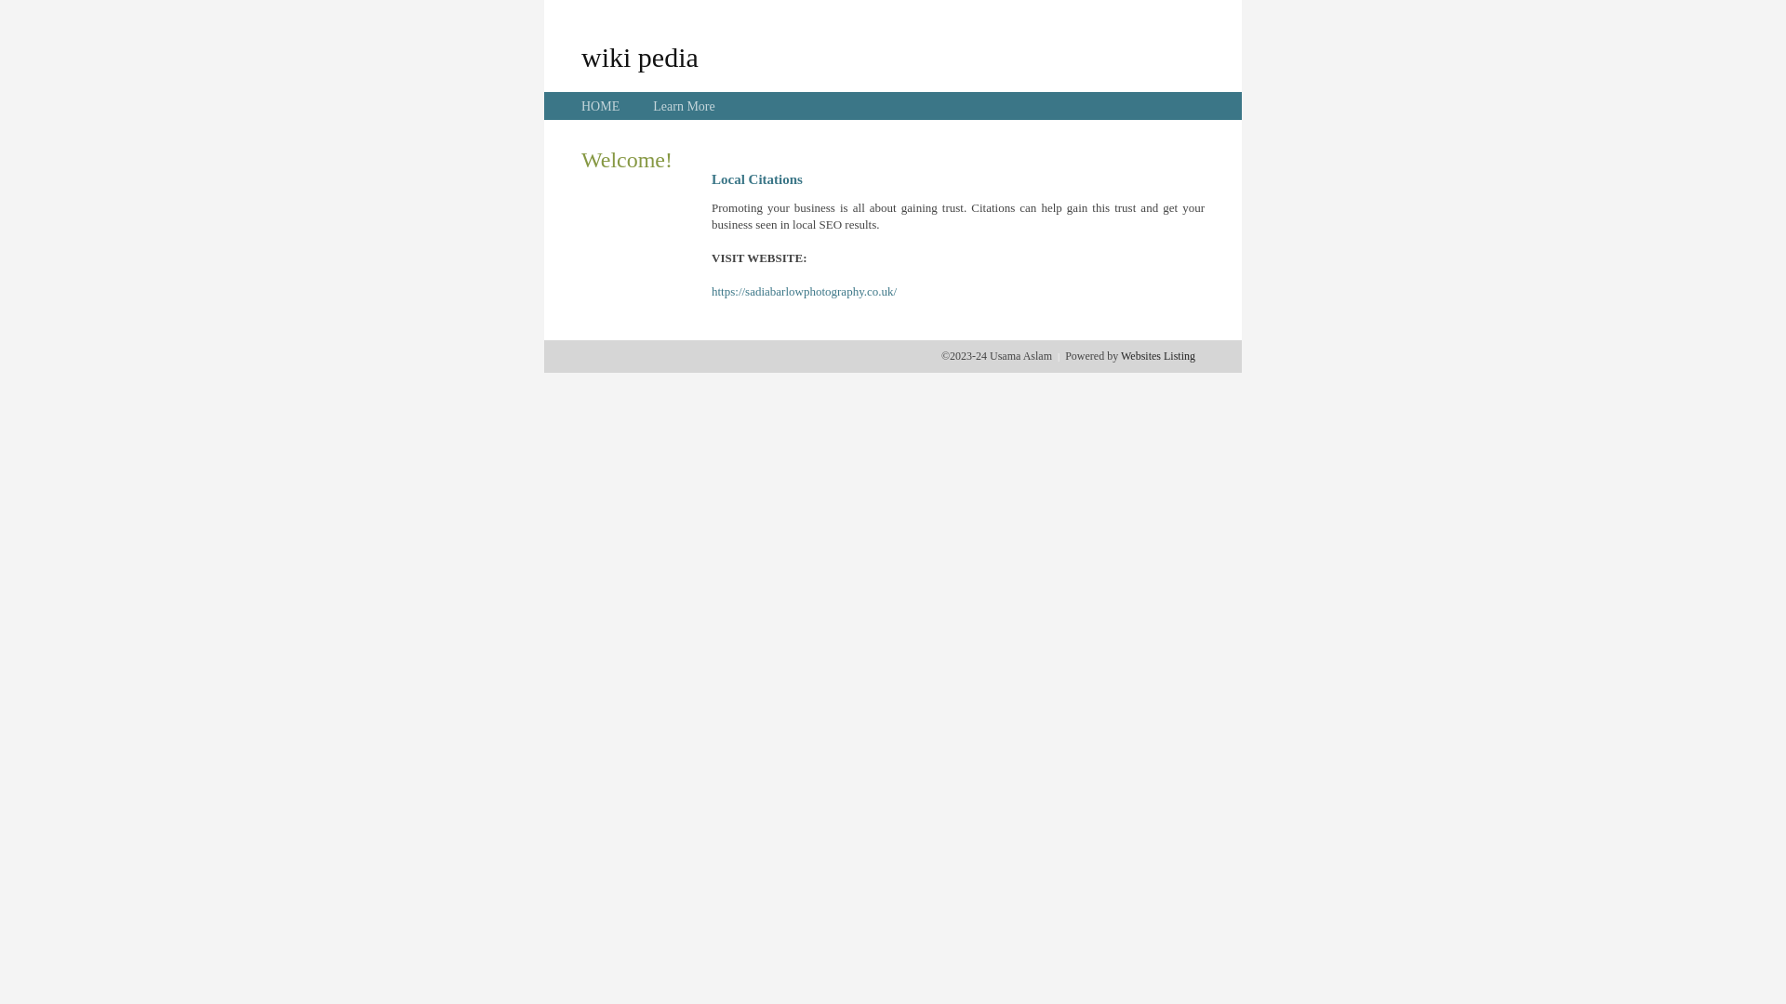  Describe the element at coordinates (600, 106) in the screenshot. I see `'HOME'` at that location.